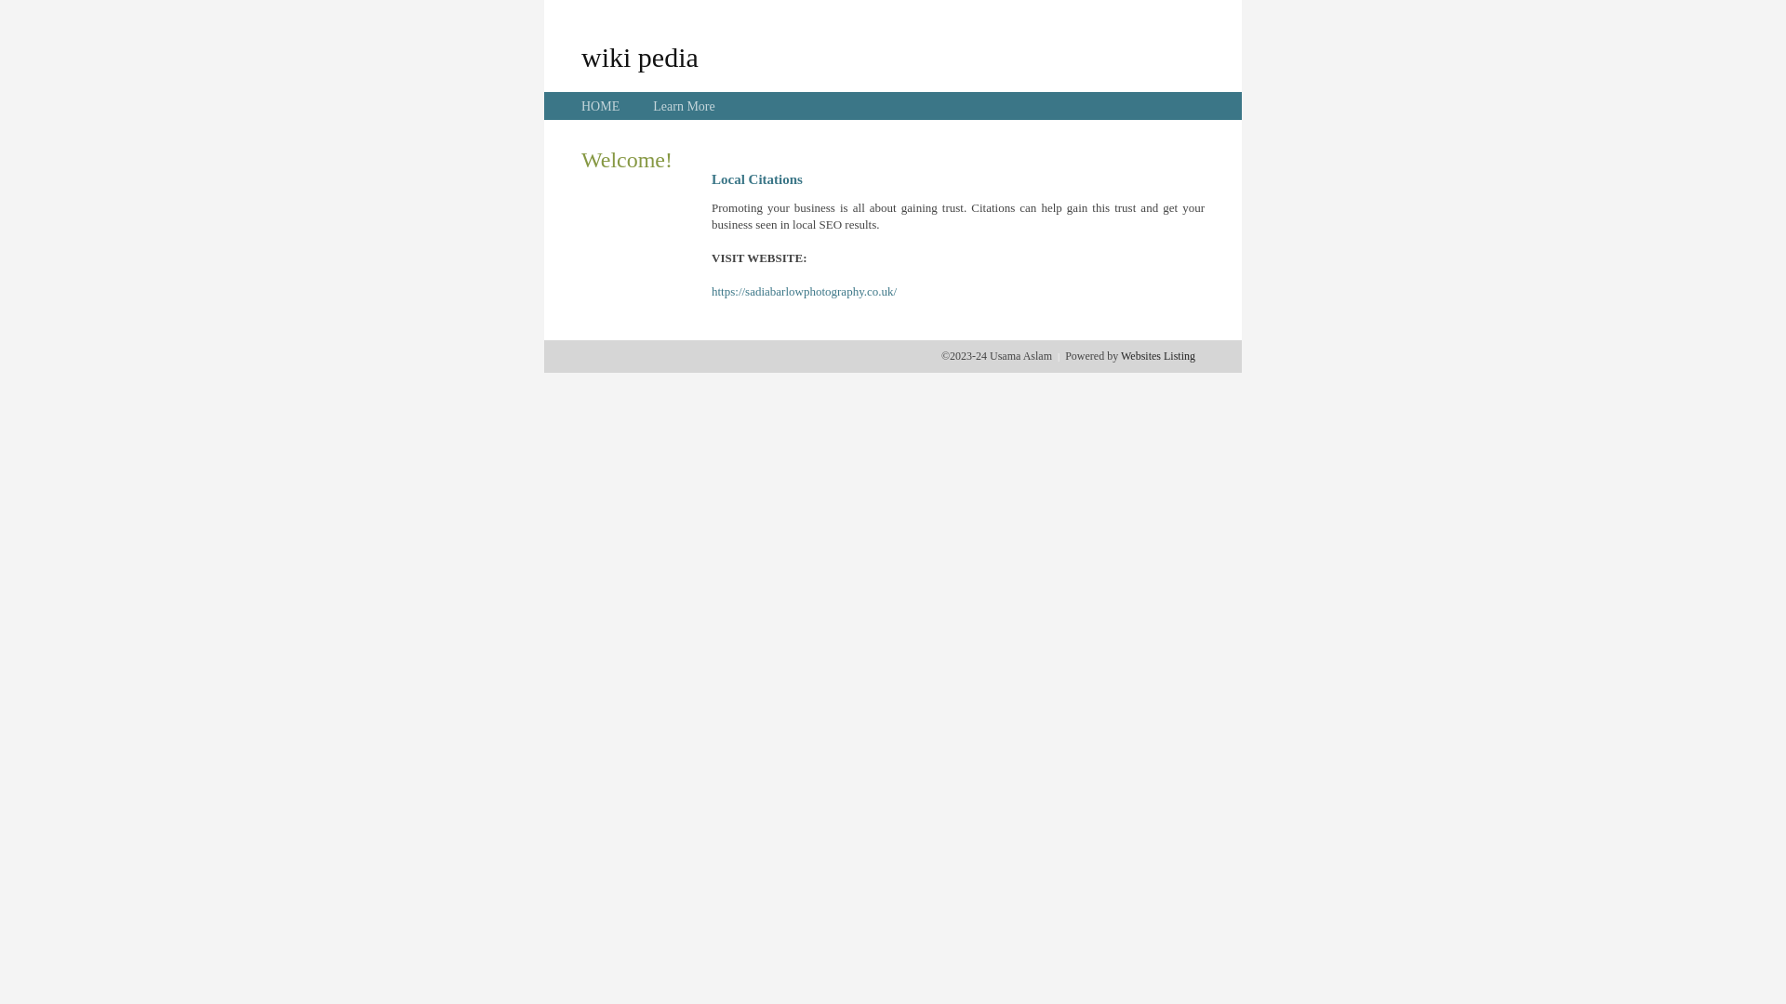  Describe the element at coordinates (600, 106) in the screenshot. I see `'HOME'` at that location.